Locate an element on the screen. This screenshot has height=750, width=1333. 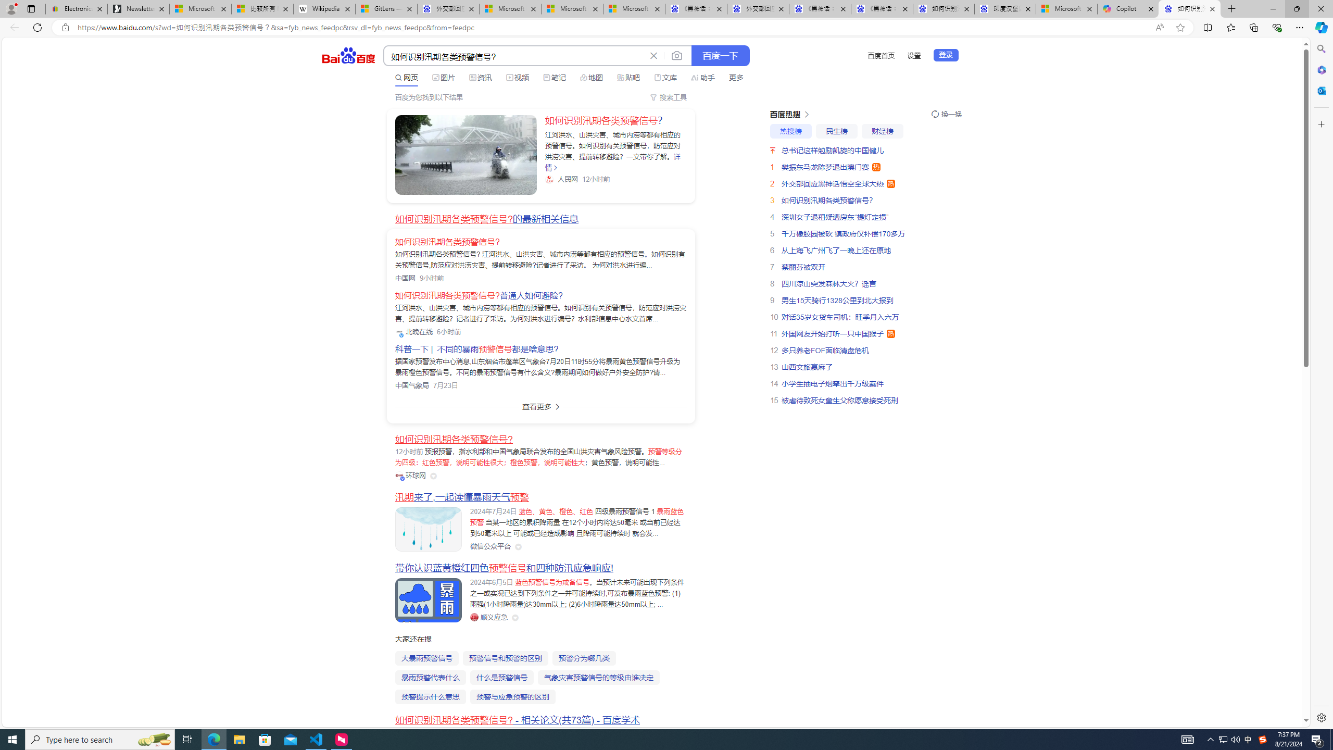
'Electronics, Cars, Fashion, Collectibles & More | eBay' is located at coordinates (76, 8).